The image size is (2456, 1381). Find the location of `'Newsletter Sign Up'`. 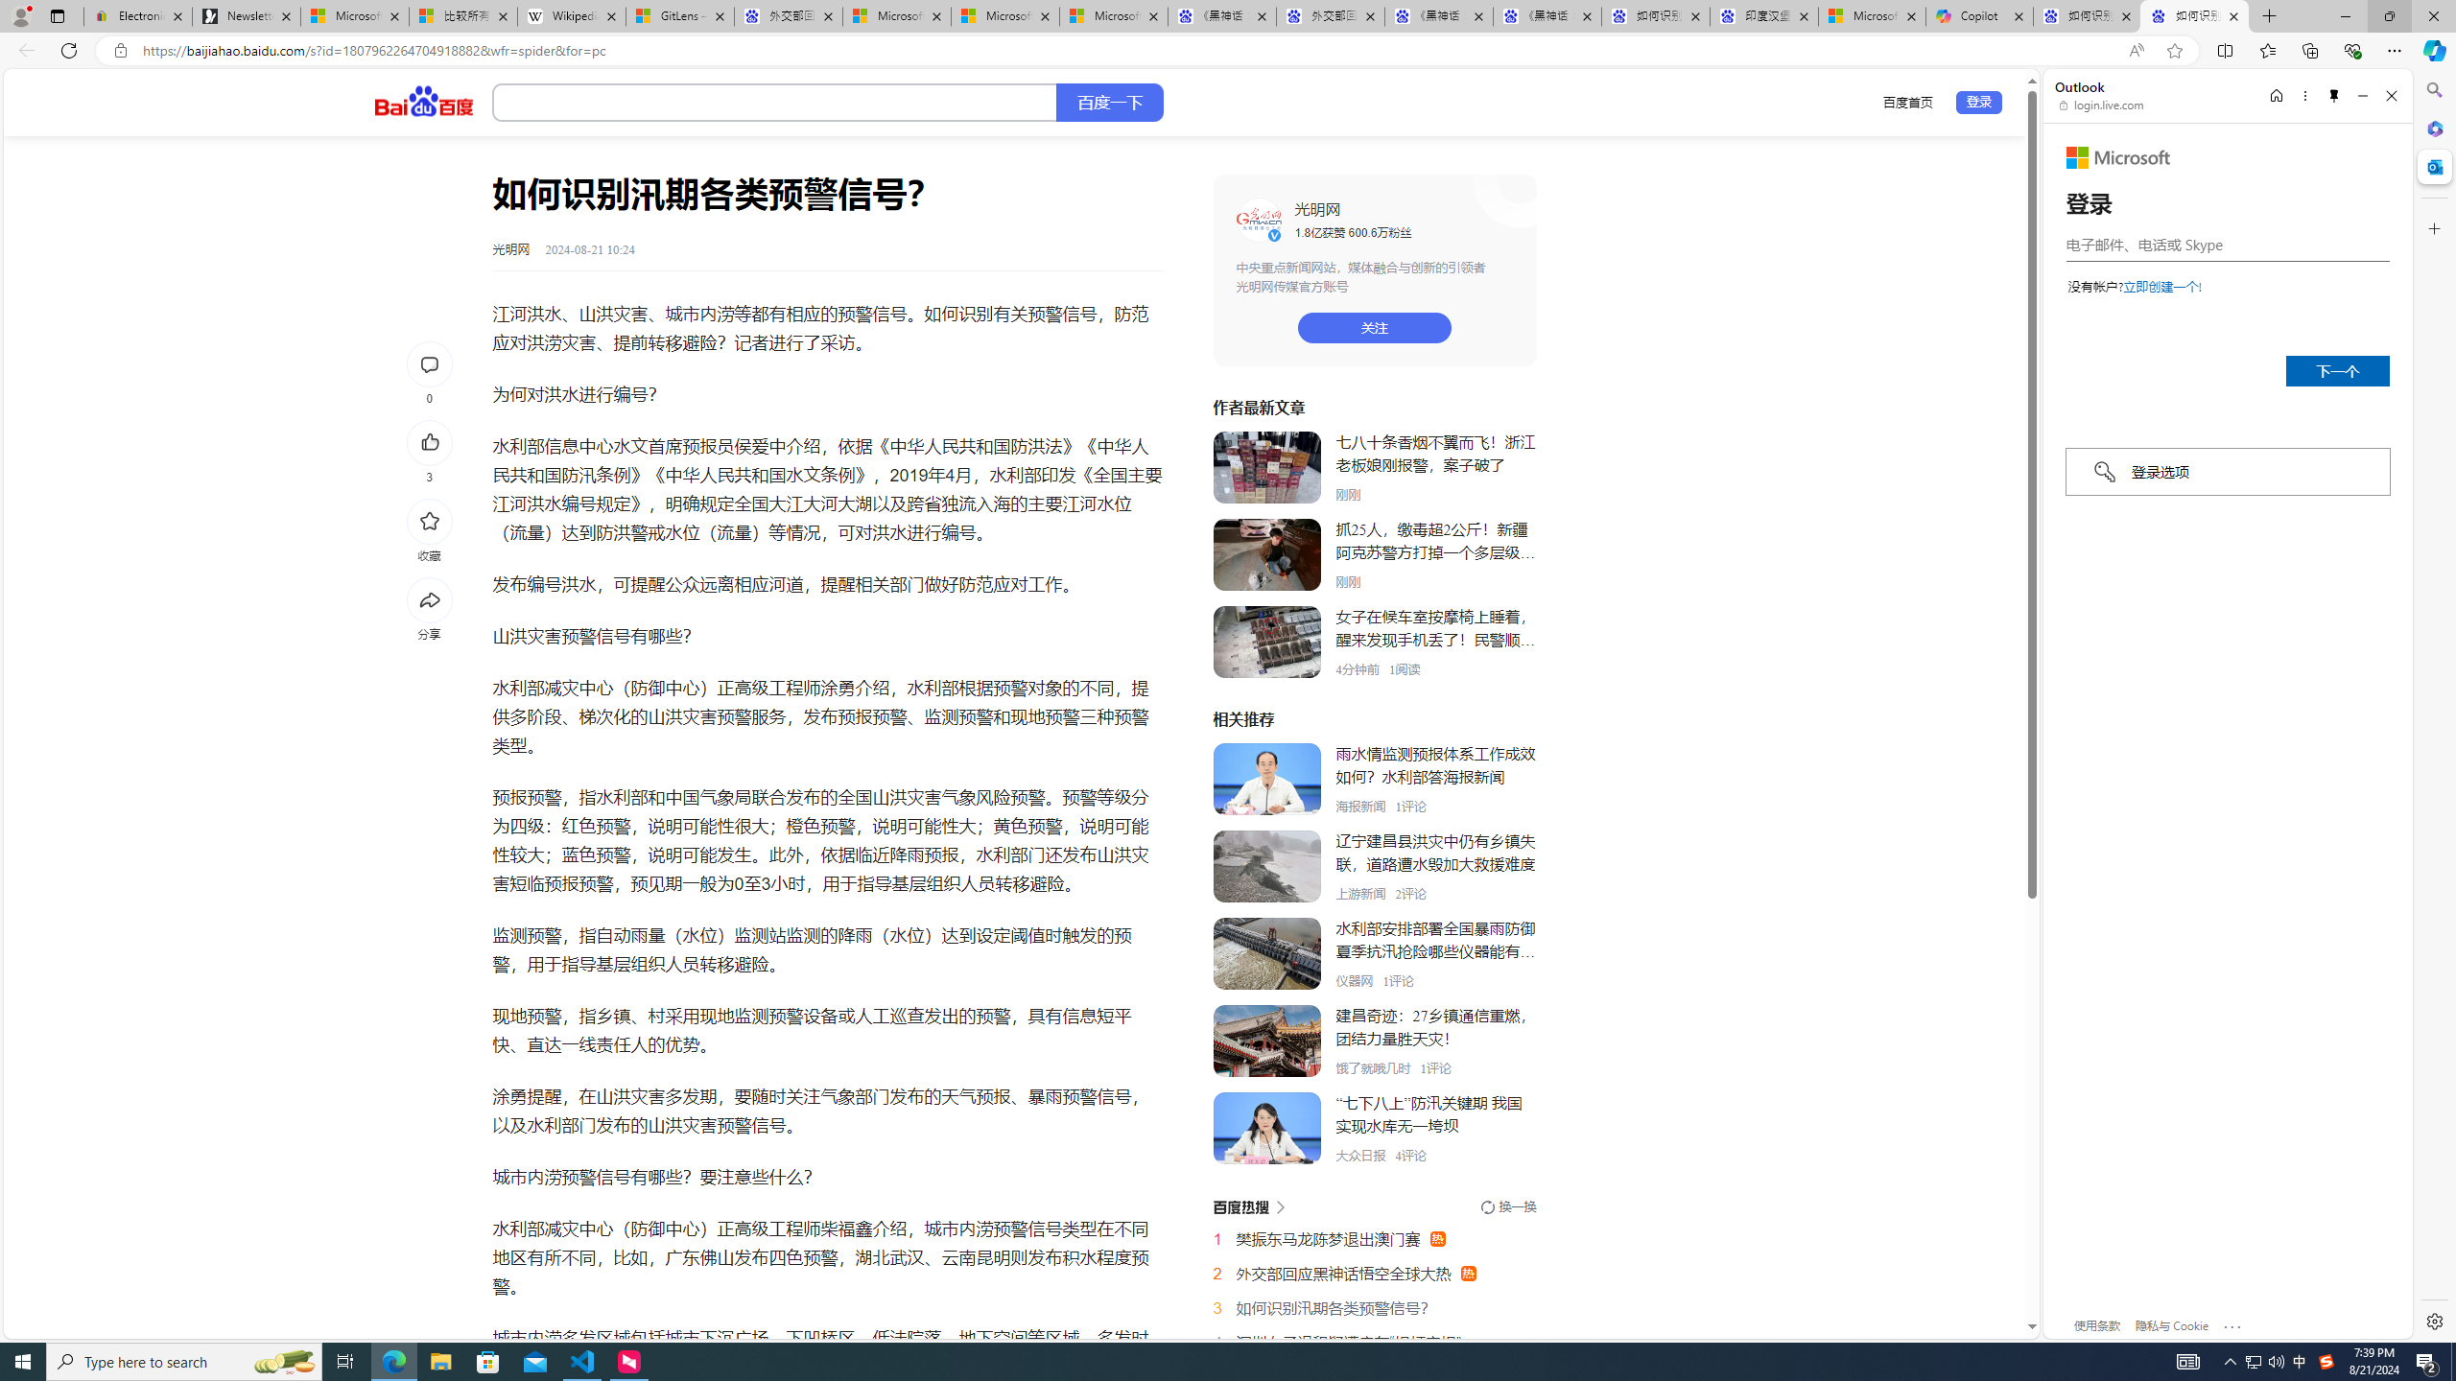

'Newsletter Sign Up' is located at coordinates (246, 15).